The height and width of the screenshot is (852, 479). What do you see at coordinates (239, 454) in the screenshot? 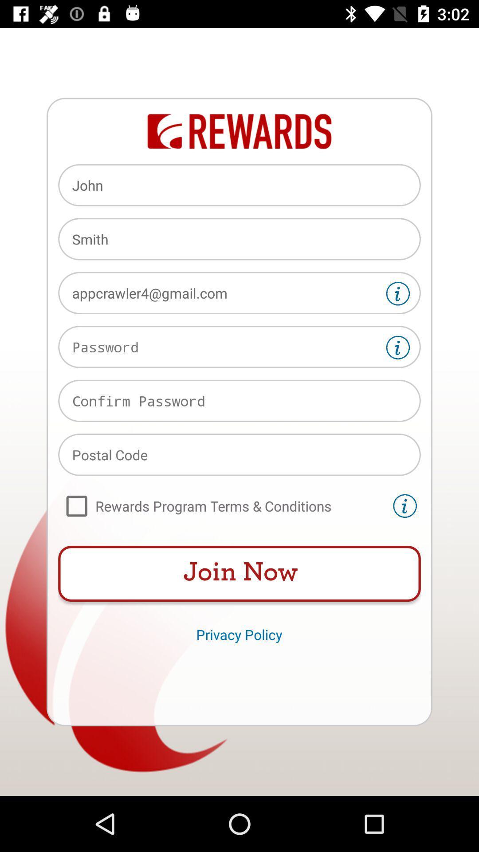
I see `postal code` at bounding box center [239, 454].